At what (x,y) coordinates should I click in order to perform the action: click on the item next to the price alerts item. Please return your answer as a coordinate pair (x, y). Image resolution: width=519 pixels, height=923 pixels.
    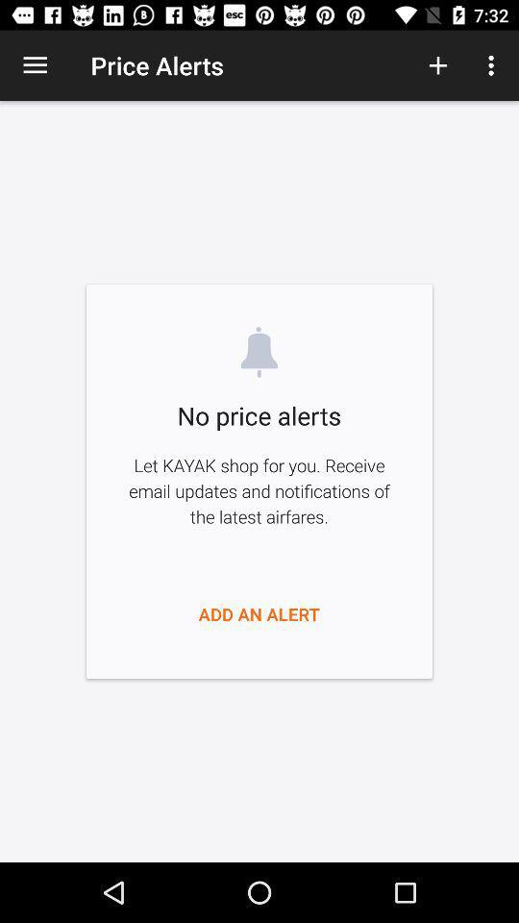
    Looking at the image, I should click on (35, 65).